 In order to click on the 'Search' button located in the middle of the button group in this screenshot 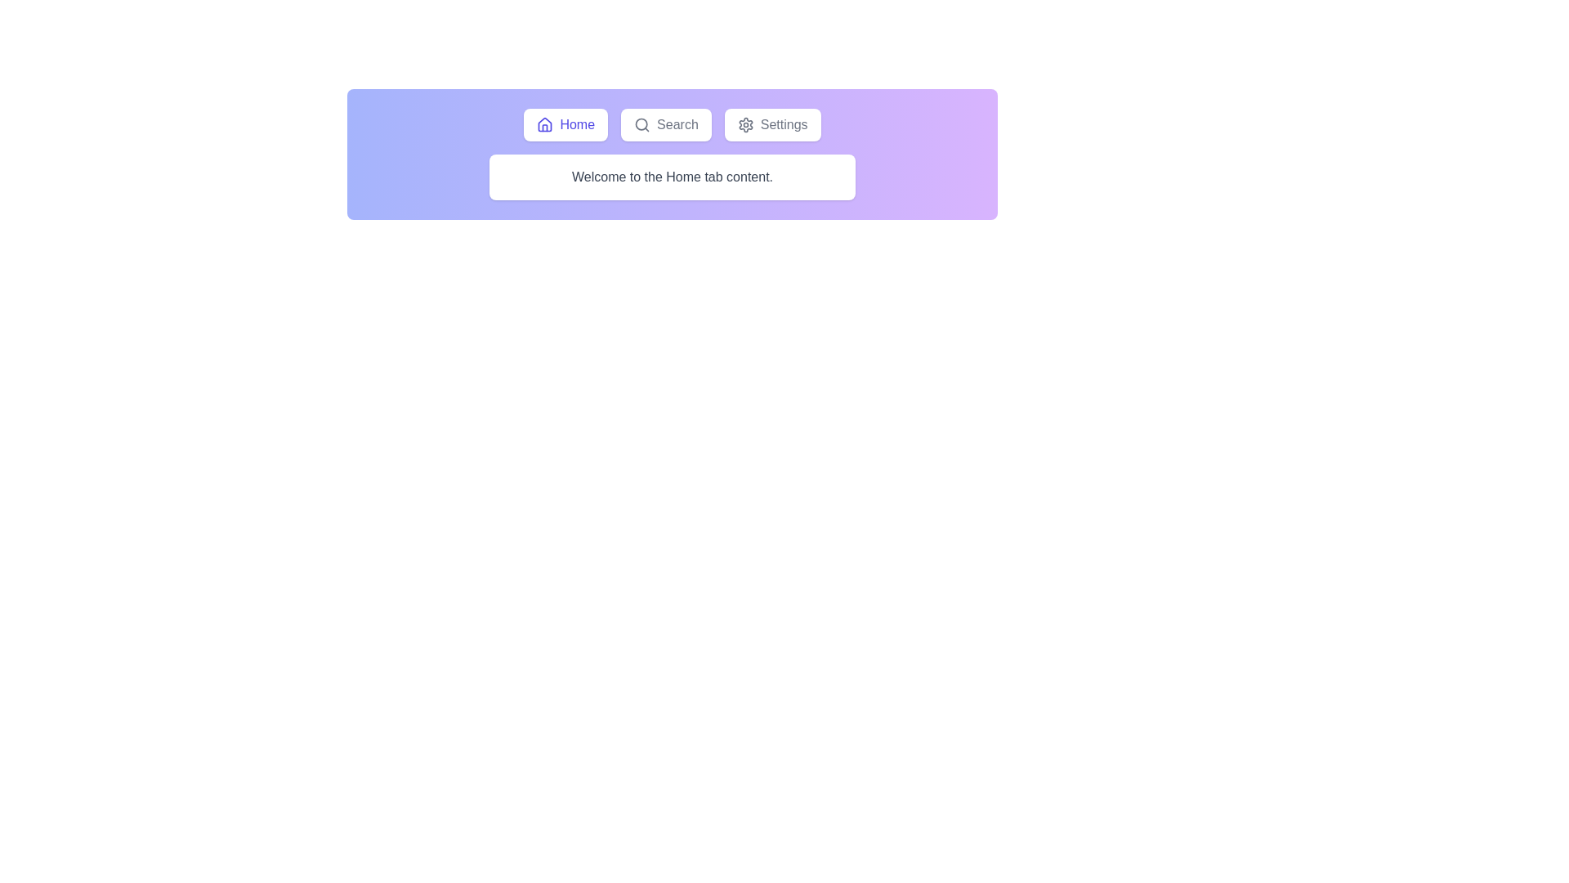, I will do `click(666, 124)`.